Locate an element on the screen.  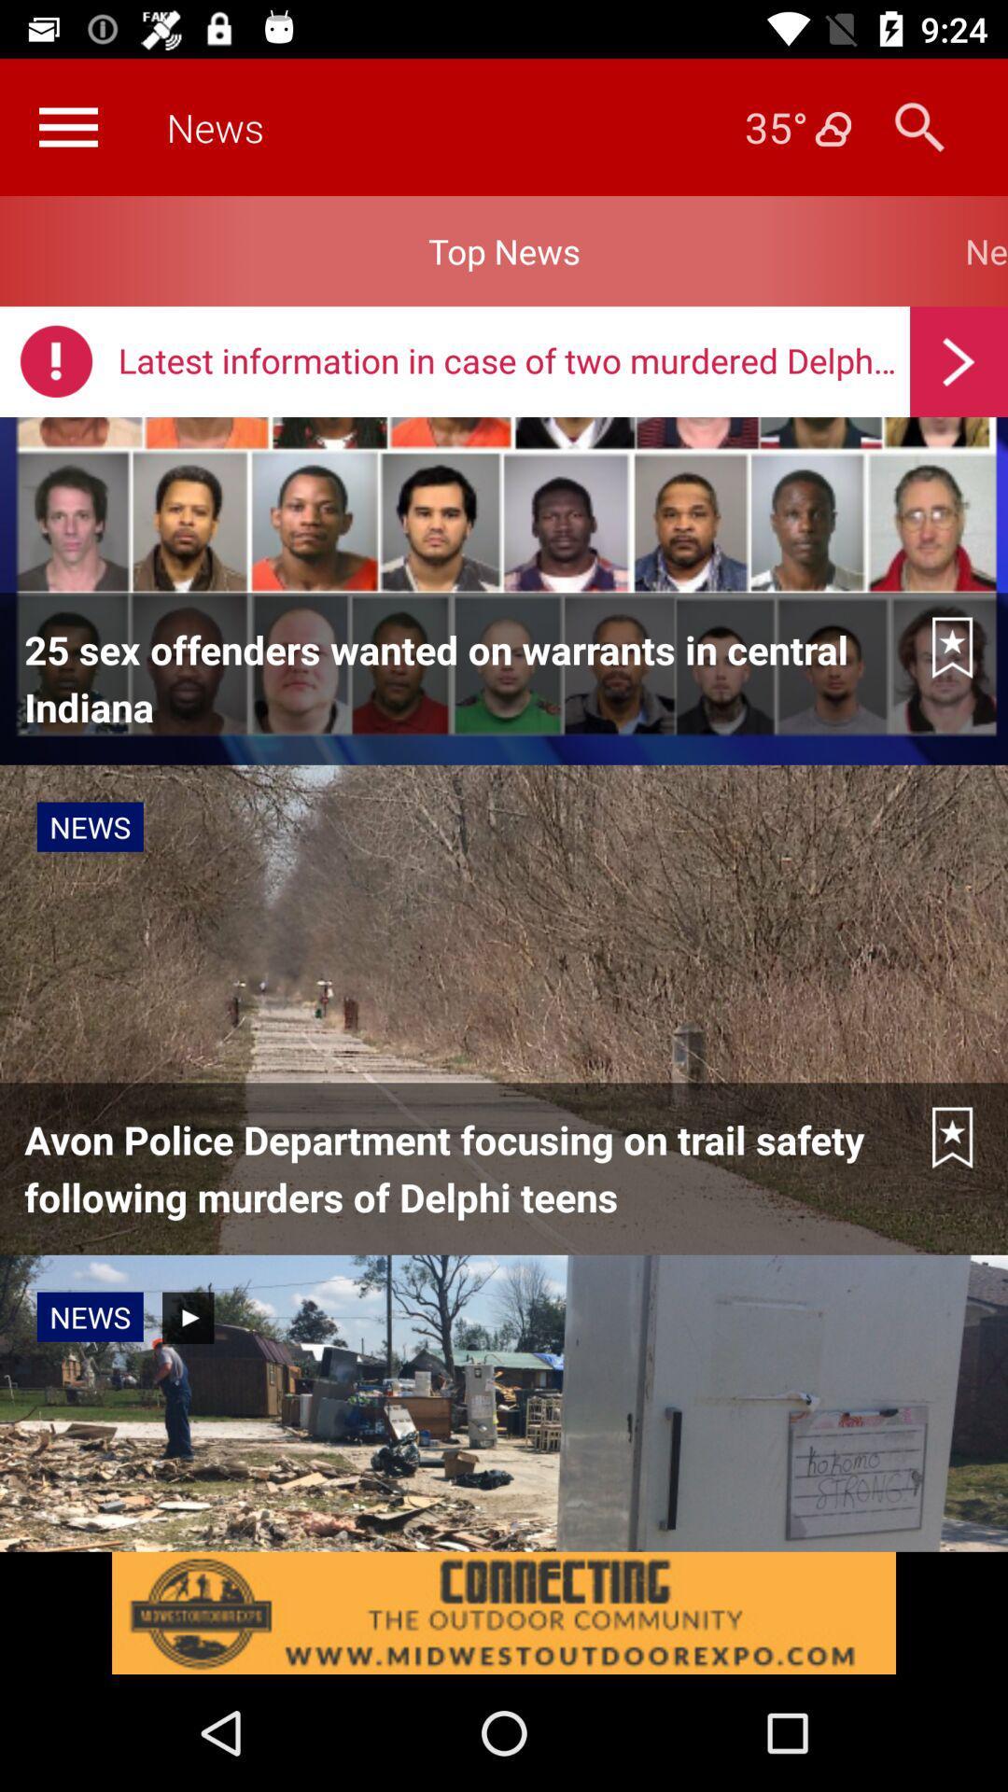
setting is located at coordinates (67, 126).